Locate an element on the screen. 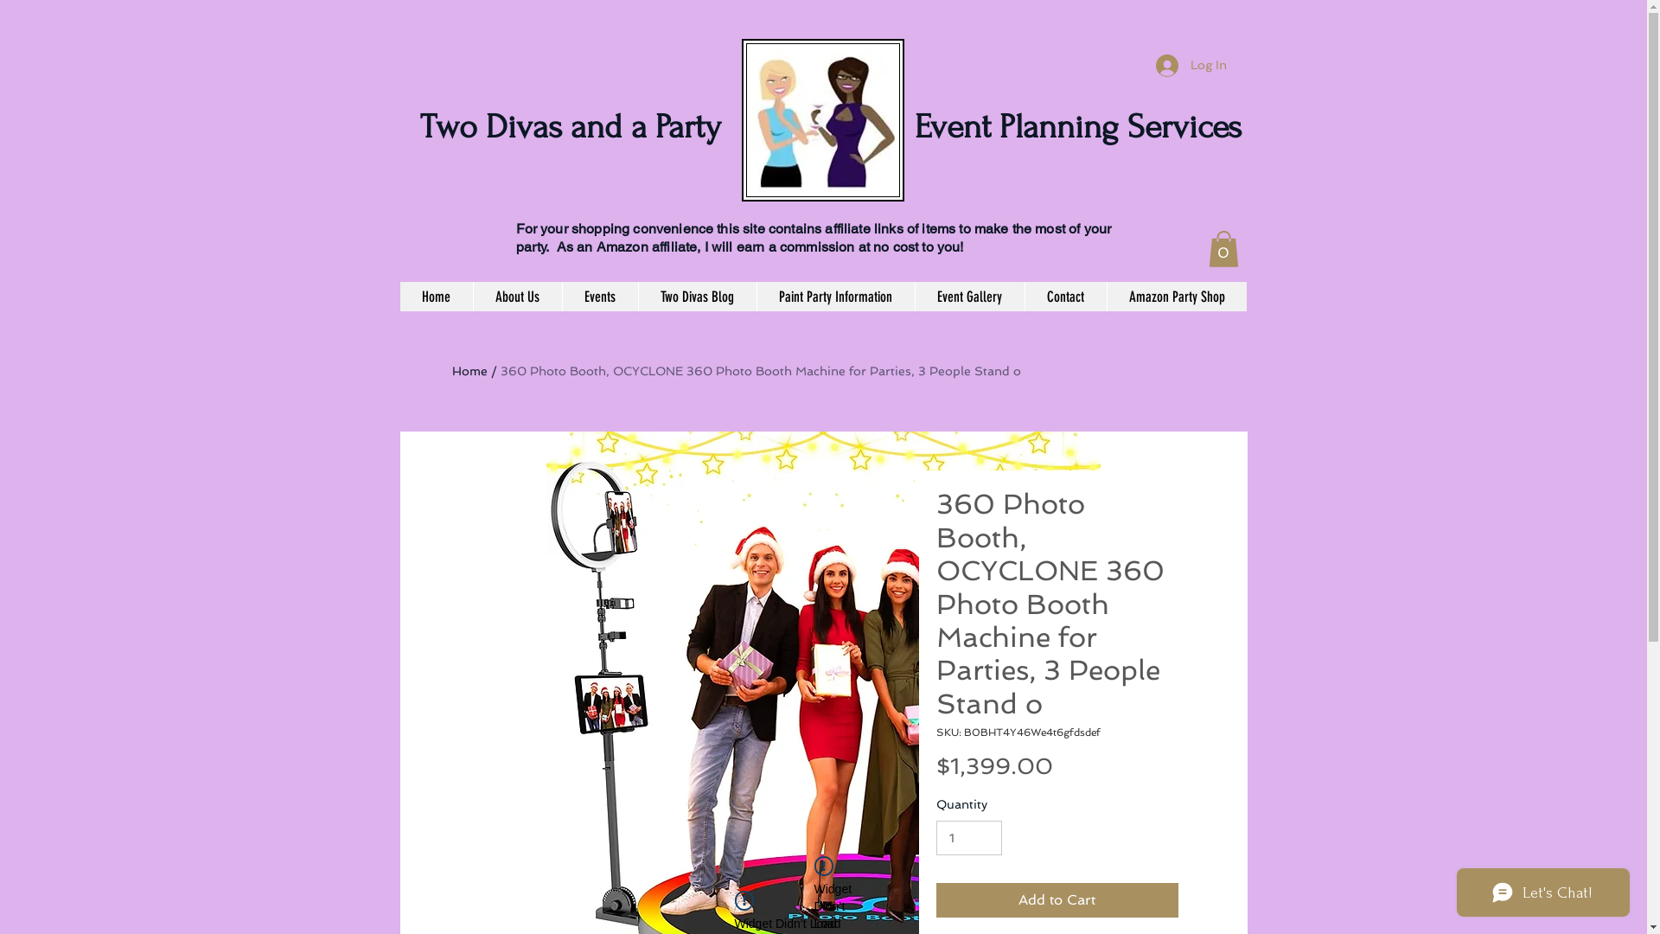 Image resolution: width=1660 pixels, height=934 pixels. 'Log In' is located at coordinates (1190, 65).